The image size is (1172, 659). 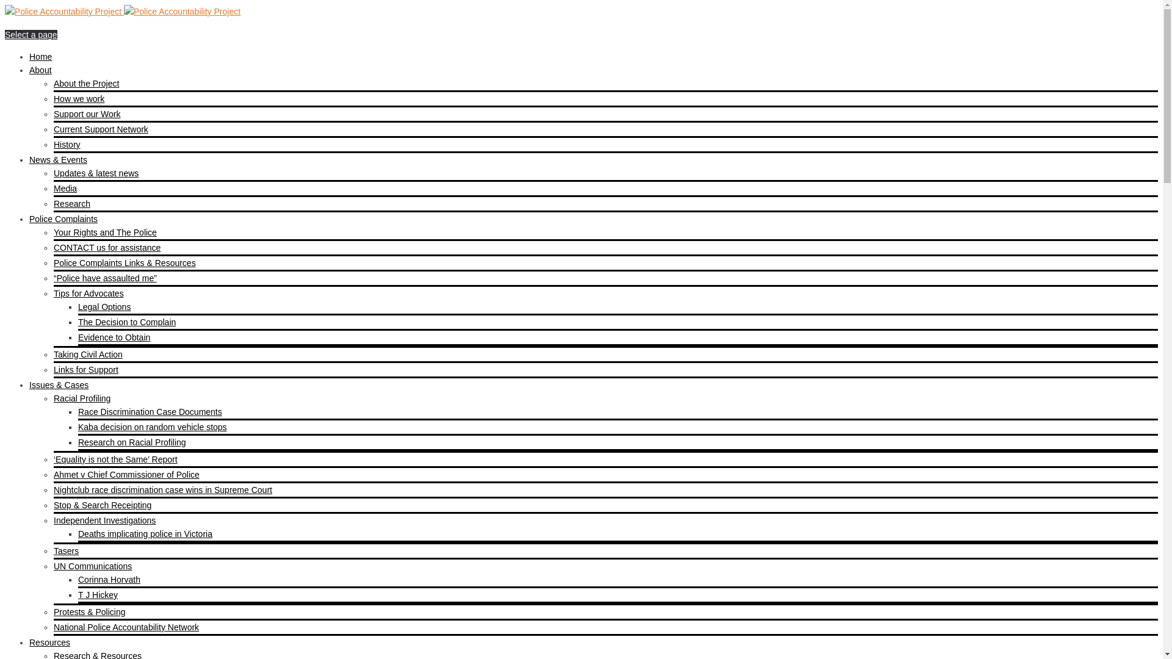 What do you see at coordinates (101, 129) in the screenshot?
I see `'Current Support Network'` at bounding box center [101, 129].